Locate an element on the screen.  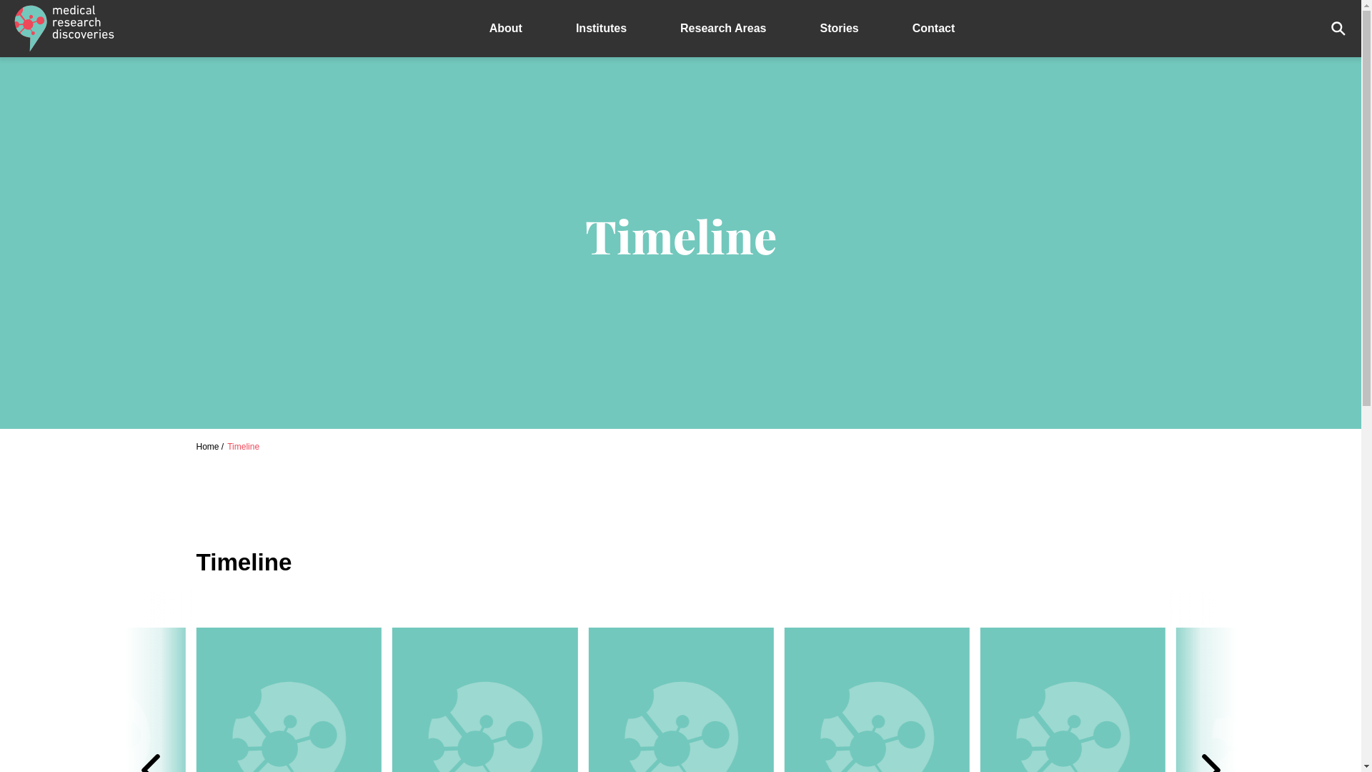
'Research Areas' is located at coordinates (654, 28).